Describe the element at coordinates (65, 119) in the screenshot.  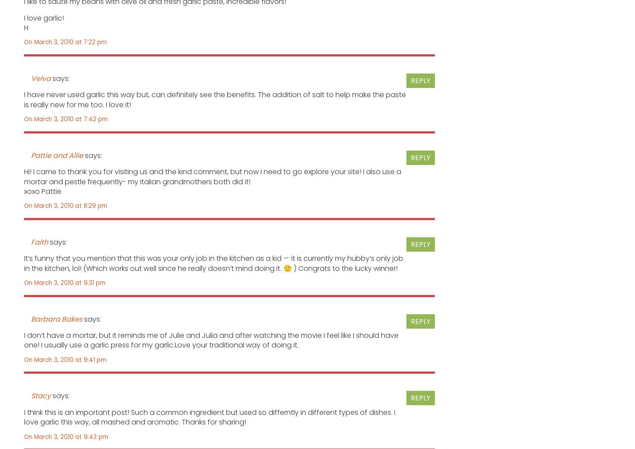
I see `'On March 3, 2010 at 7:42 pm'` at that location.